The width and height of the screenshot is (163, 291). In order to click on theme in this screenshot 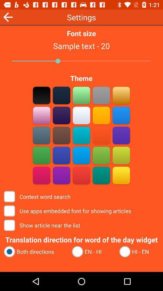, I will do `click(41, 135)`.